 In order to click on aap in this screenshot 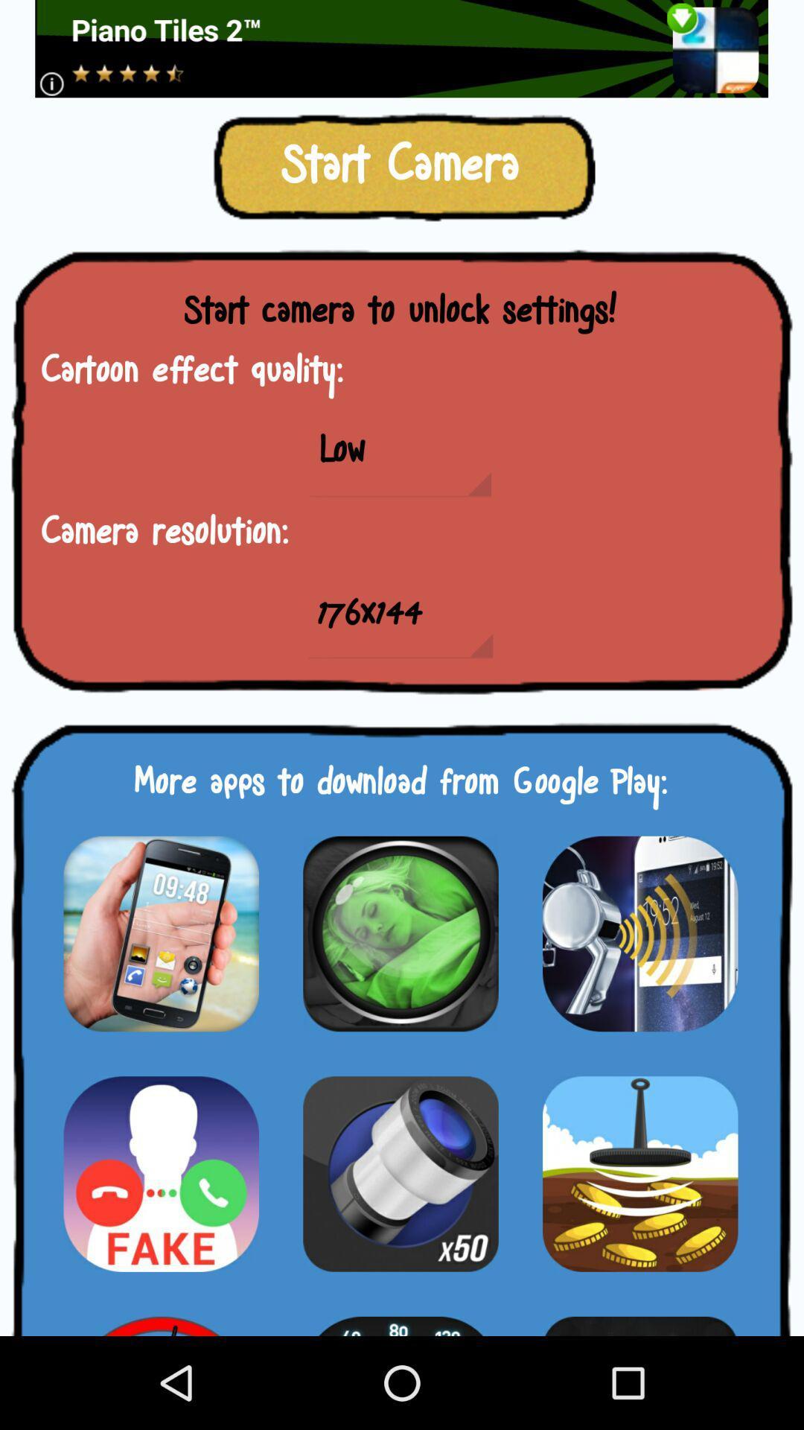, I will do `click(400, 932)`.